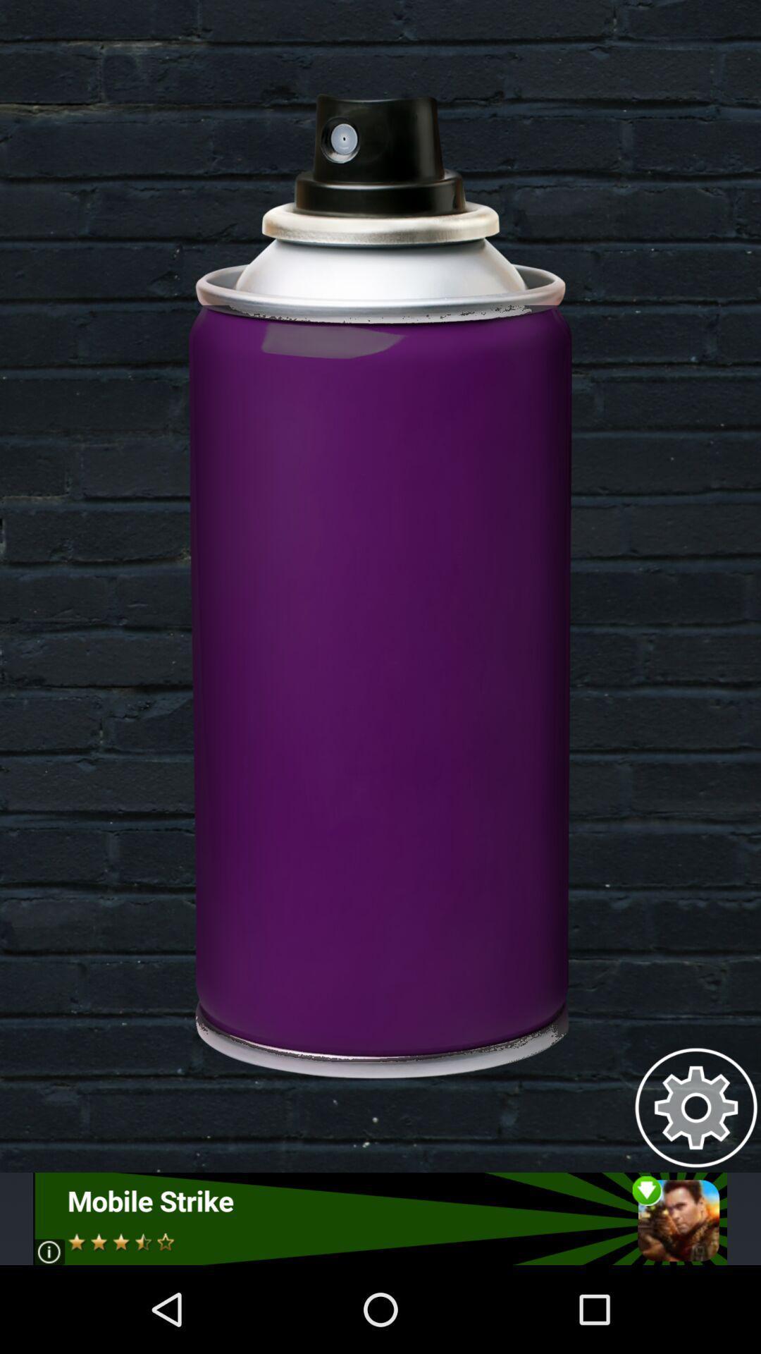 The height and width of the screenshot is (1354, 761). Describe the element at coordinates (379, 1218) in the screenshot. I see `banner advertisement for mobile strike game` at that location.